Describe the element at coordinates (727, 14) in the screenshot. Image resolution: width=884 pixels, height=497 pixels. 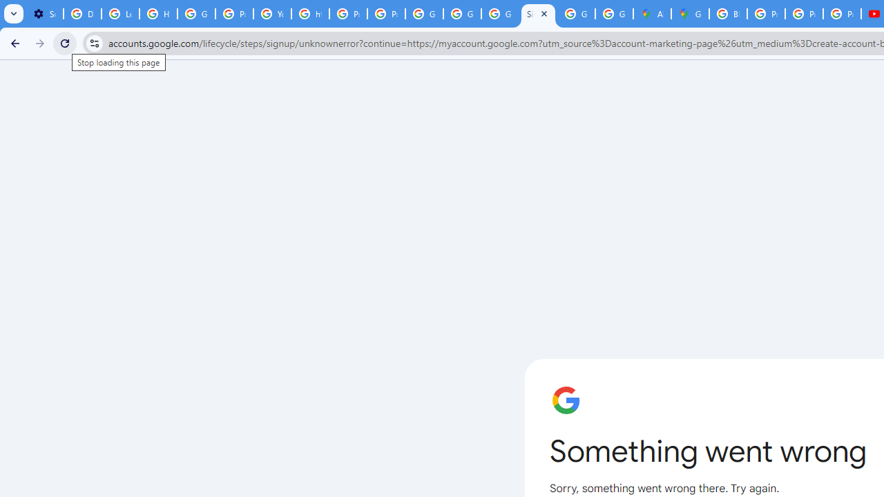
I see `'Blogger Policies and Guidelines - Transparency Center'` at that location.